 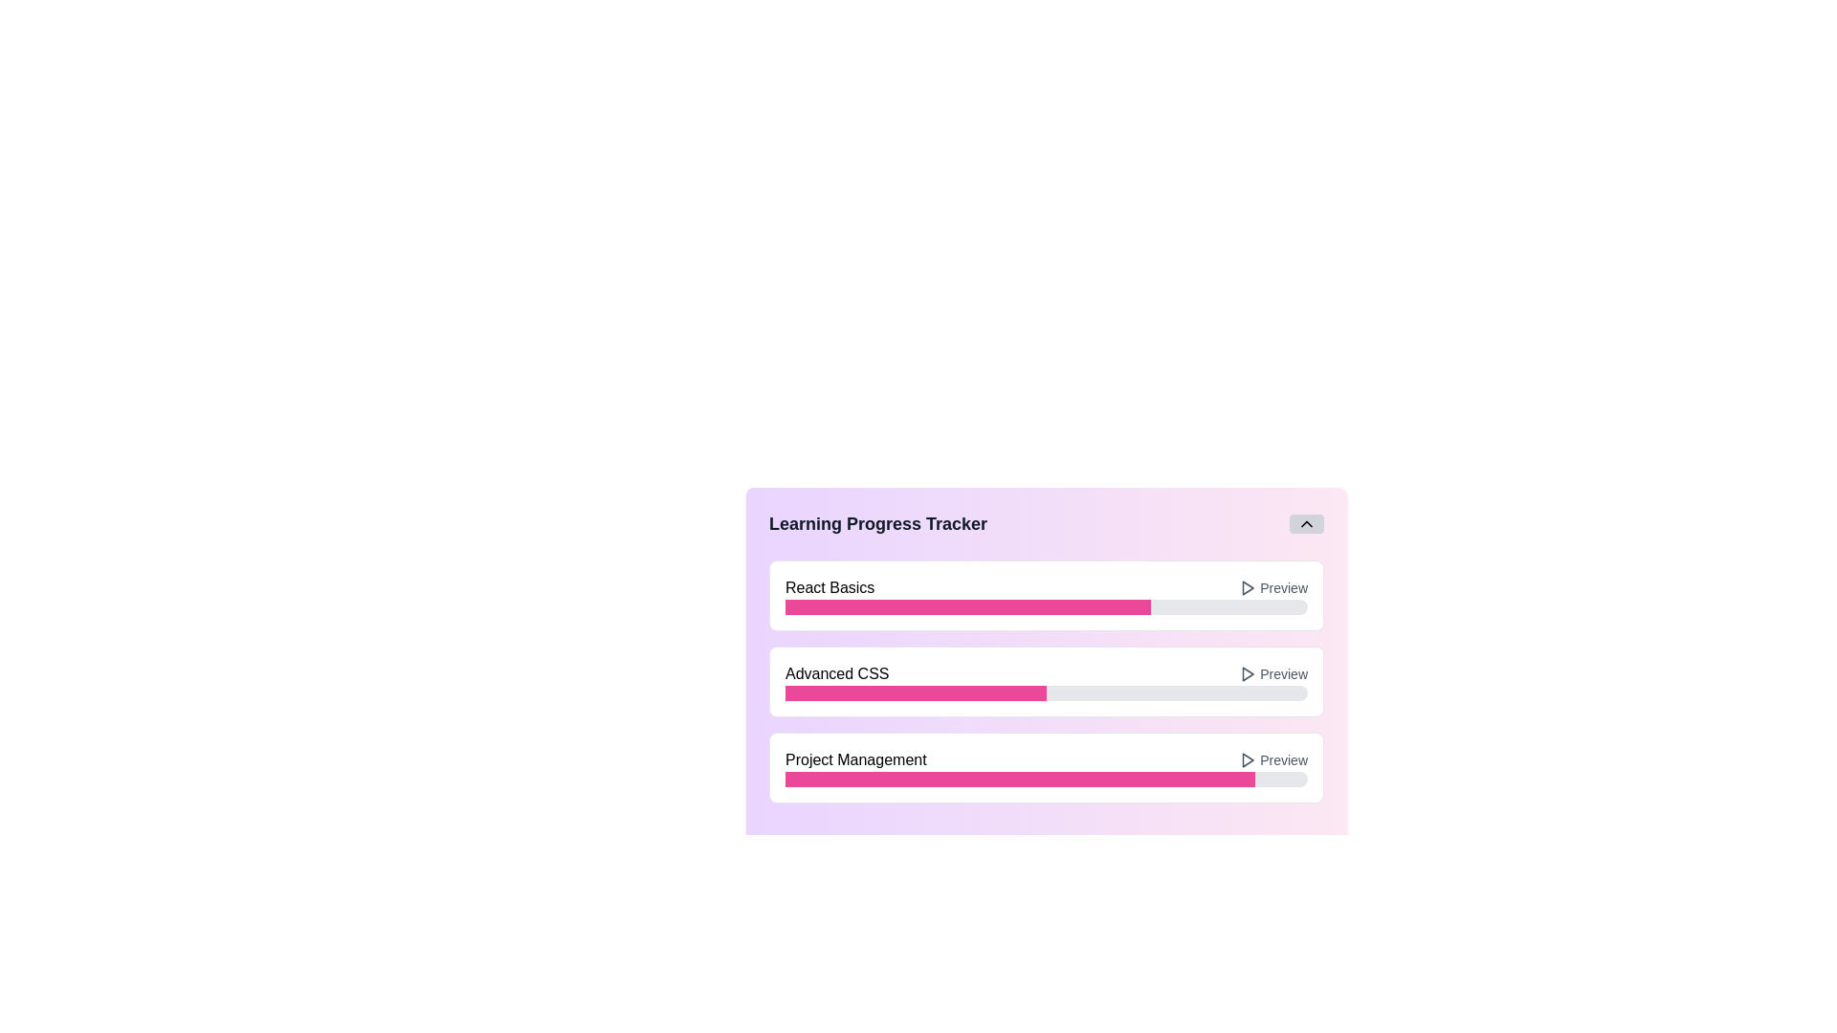 I want to click on the small button with a triangular play symbol and the text 'Preview' located in the 'Learning Progress Tracker' section for the 'Advanced CSS' item, so click(x=1273, y=673).